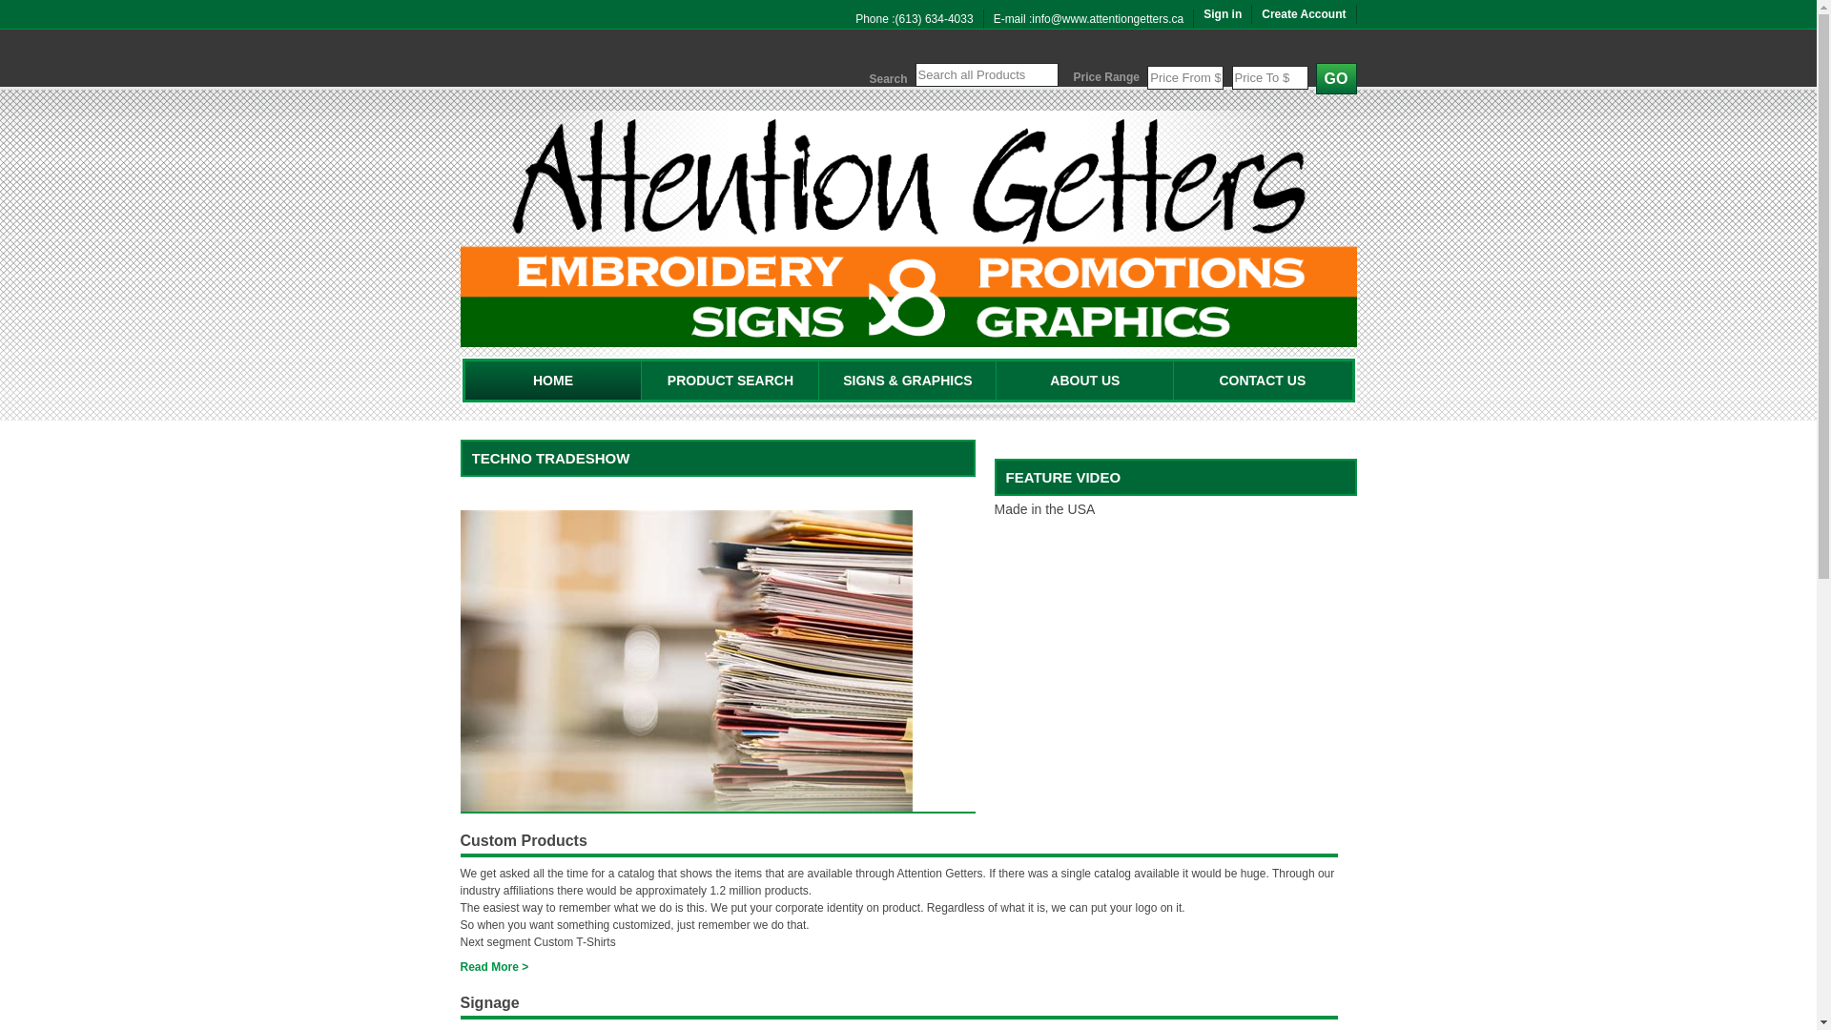  I want to click on 'info@www.attentiongetters.ca', so click(1107, 18).